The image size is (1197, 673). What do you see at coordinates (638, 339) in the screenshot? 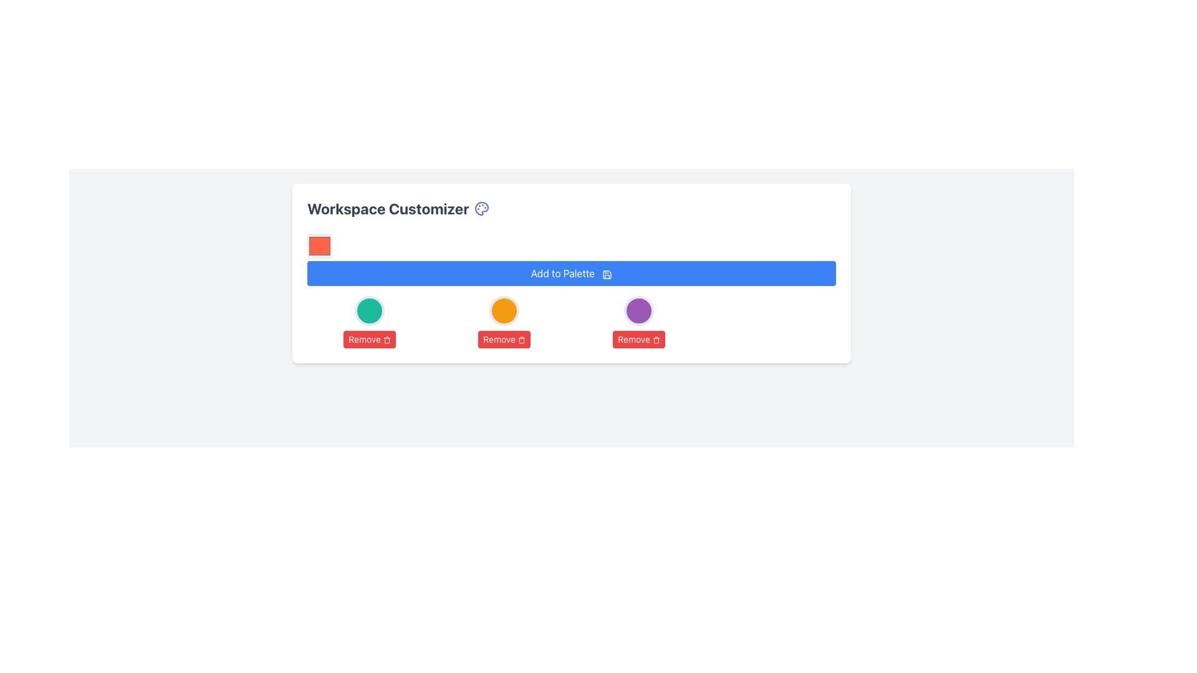
I see `the 'Remove' button located below a purple circular shape` at bounding box center [638, 339].